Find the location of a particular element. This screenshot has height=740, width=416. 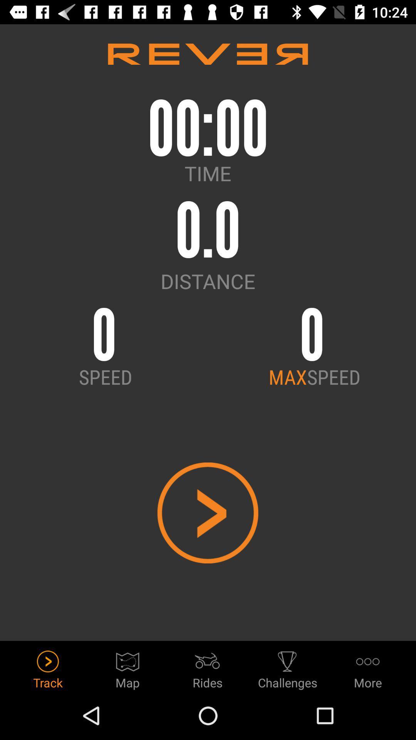

the icon next to the map item is located at coordinates (207, 667).